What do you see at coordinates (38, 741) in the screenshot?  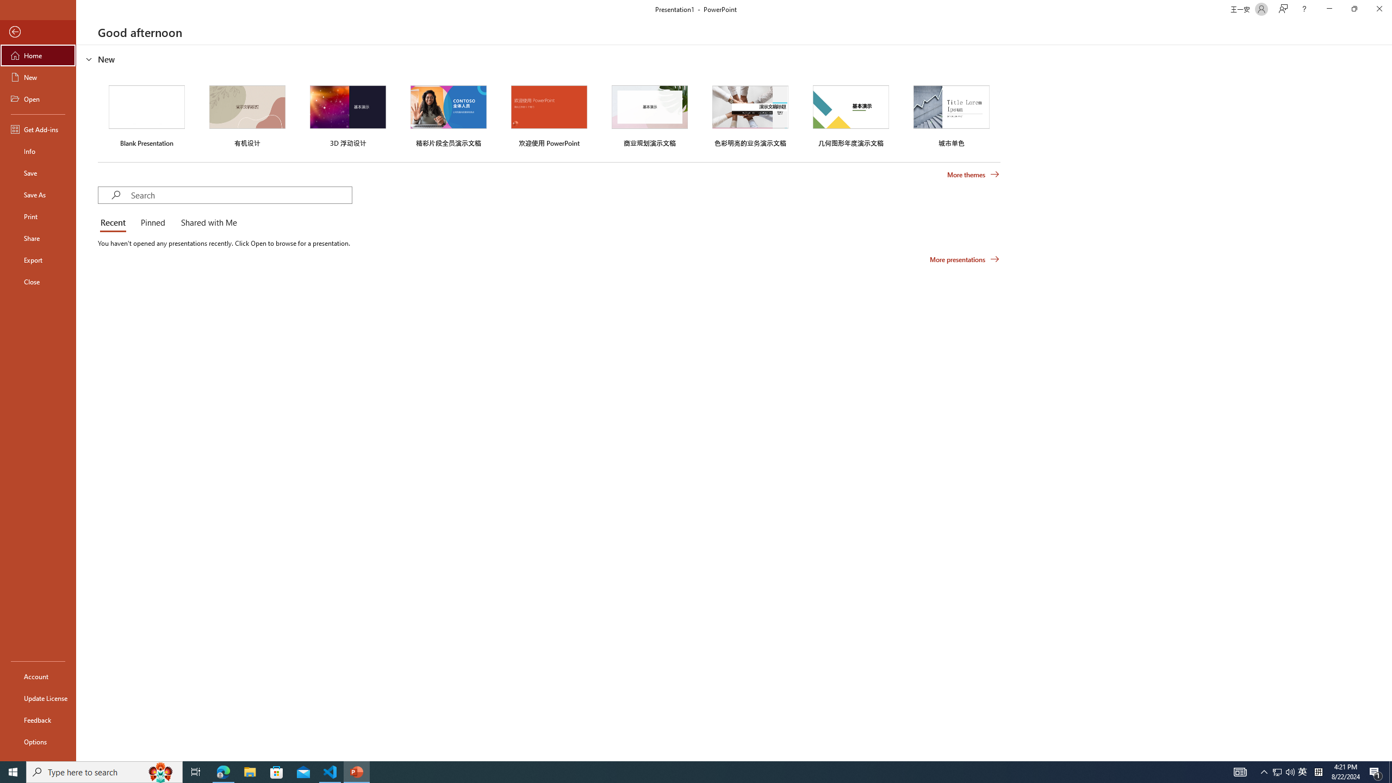 I see `'Options'` at bounding box center [38, 741].